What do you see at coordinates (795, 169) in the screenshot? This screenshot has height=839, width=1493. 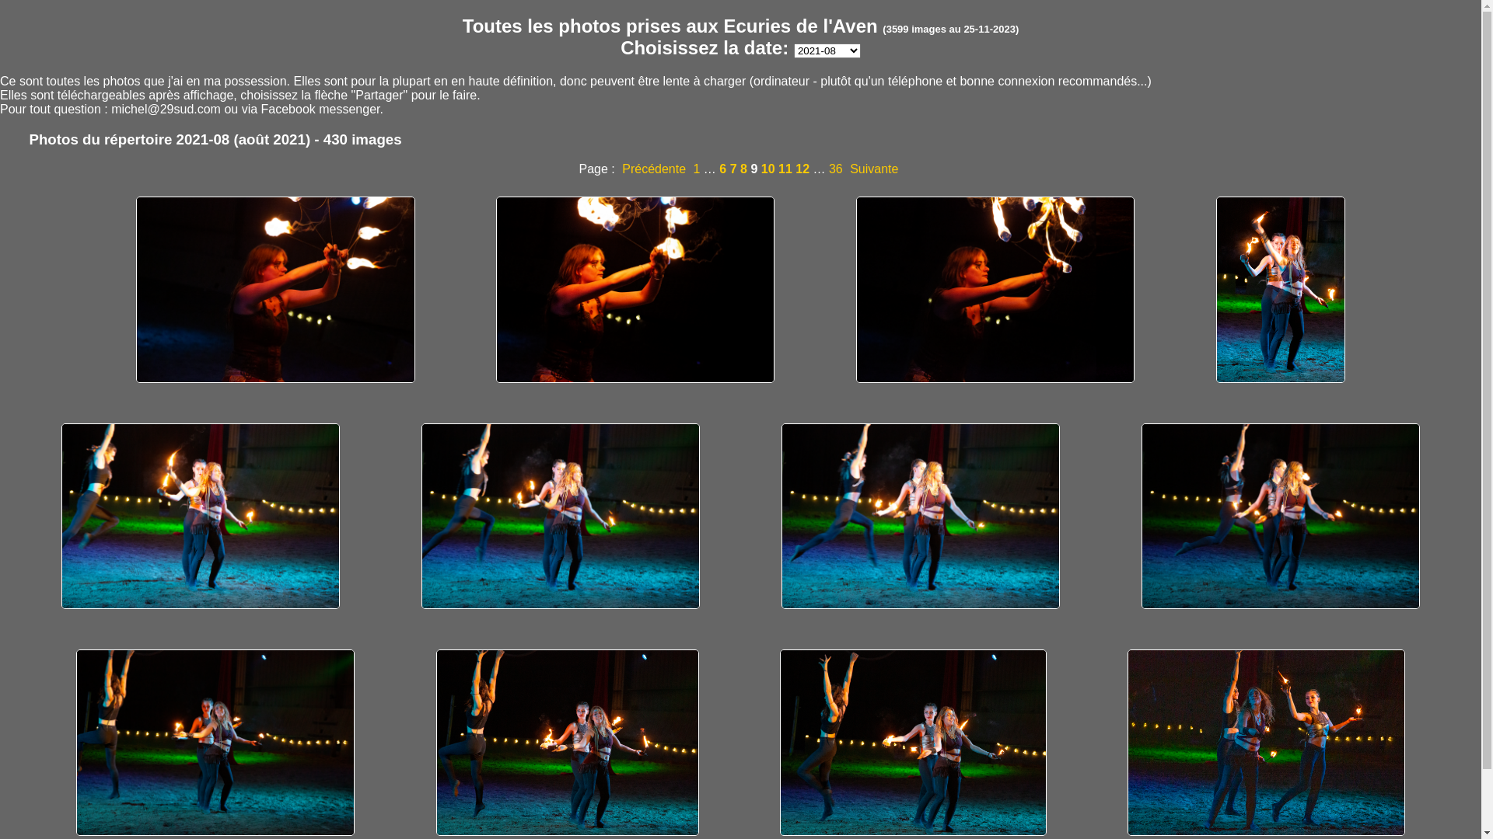 I see `'12'` at bounding box center [795, 169].